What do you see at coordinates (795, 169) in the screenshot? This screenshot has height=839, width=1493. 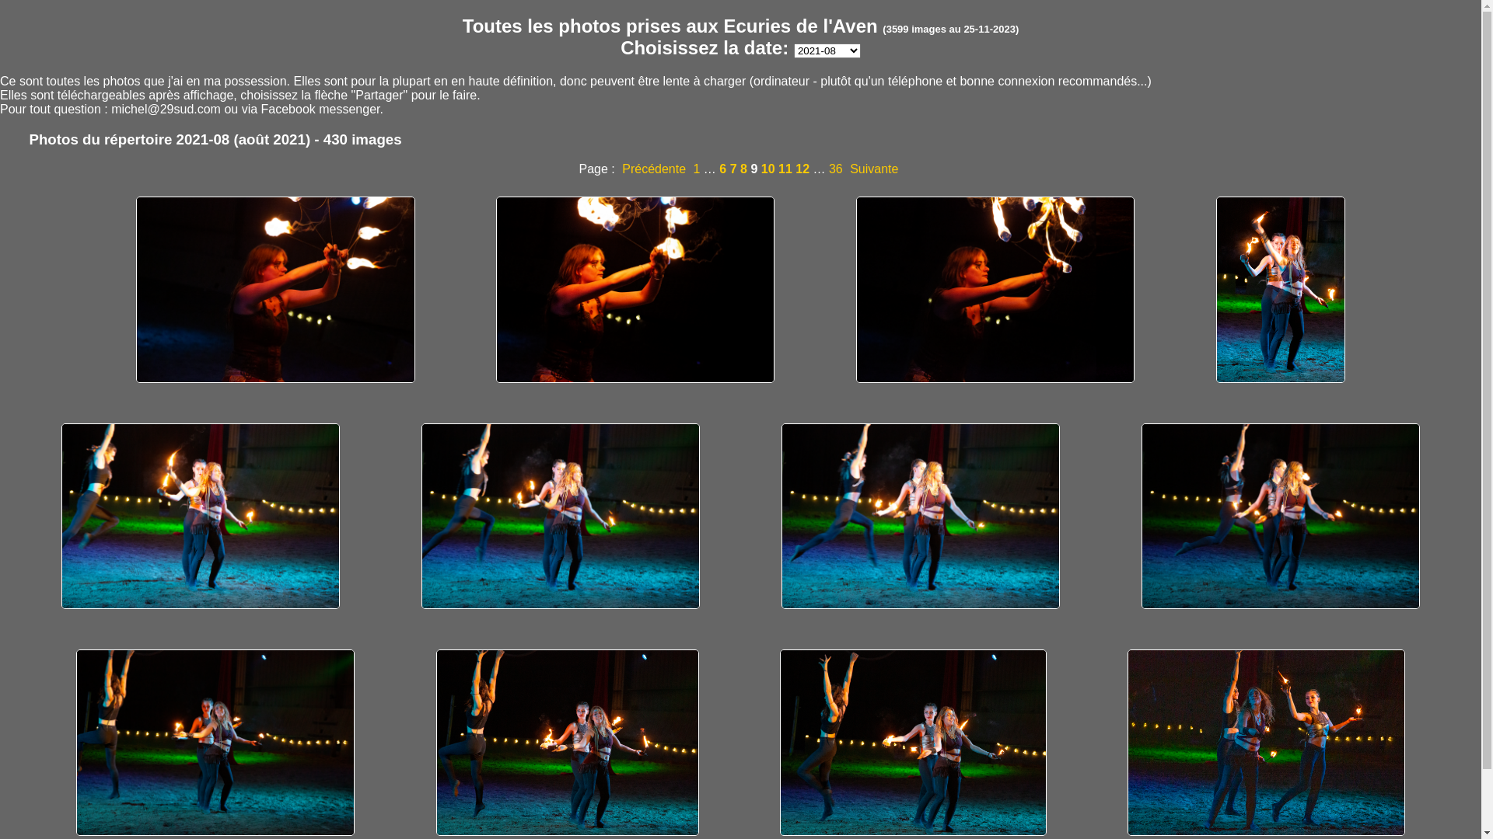 I see `'12'` at bounding box center [795, 169].